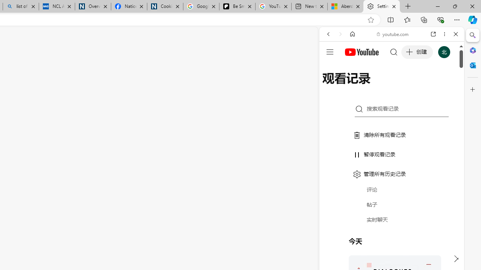 This screenshot has width=481, height=270. What do you see at coordinates (165, 6) in the screenshot?
I see `'Cookies'` at bounding box center [165, 6].